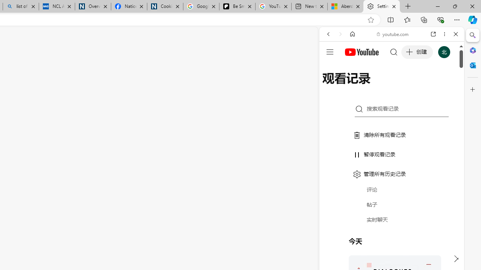 This screenshot has width=481, height=270. What do you see at coordinates (165, 6) in the screenshot?
I see `'Cookies'` at bounding box center [165, 6].